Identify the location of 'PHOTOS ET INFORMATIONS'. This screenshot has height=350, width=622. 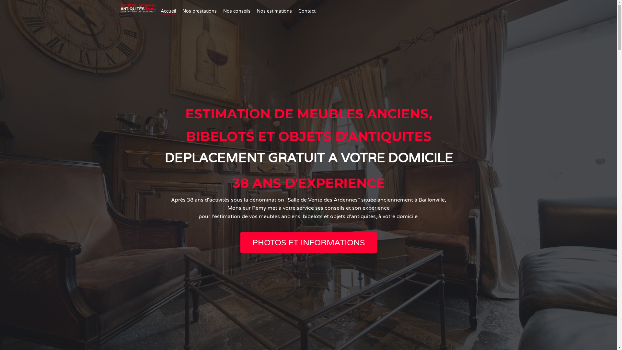
(308, 242).